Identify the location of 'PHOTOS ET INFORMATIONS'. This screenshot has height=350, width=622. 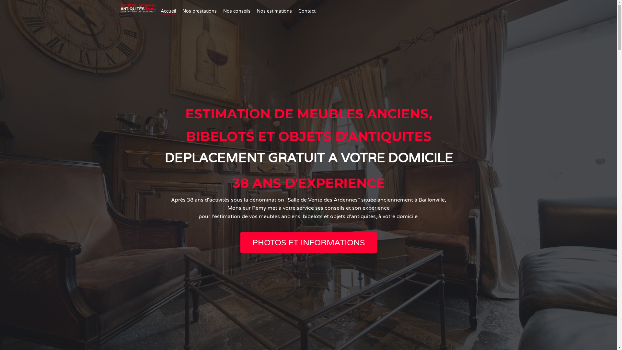
(308, 242).